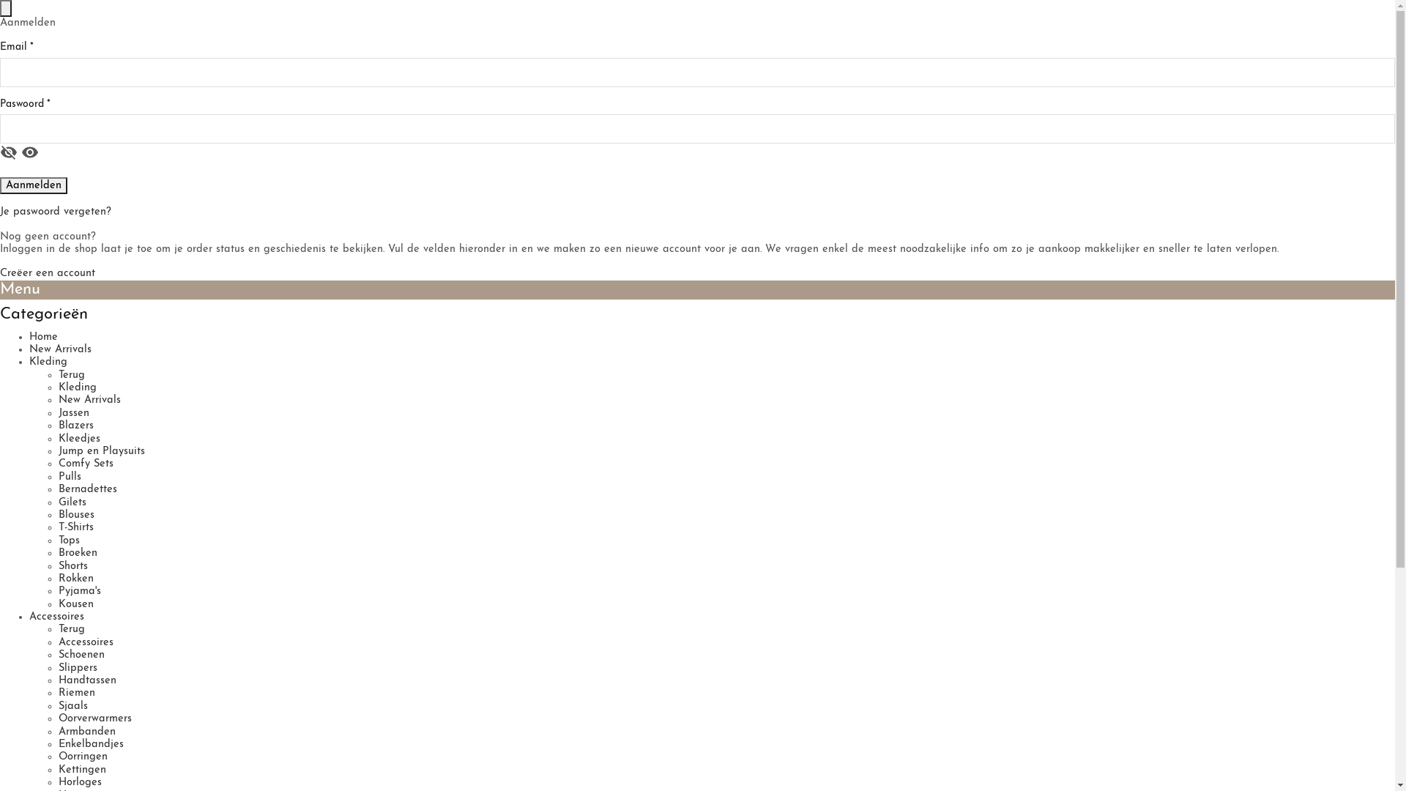 This screenshot has height=791, width=1406. I want to click on 'Schoenen', so click(81, 654).